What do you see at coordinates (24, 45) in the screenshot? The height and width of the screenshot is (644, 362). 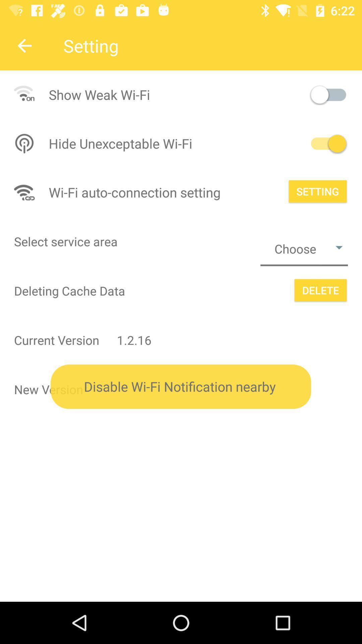 I see `the arrow_backward icon` at bounding box center [24, 45].